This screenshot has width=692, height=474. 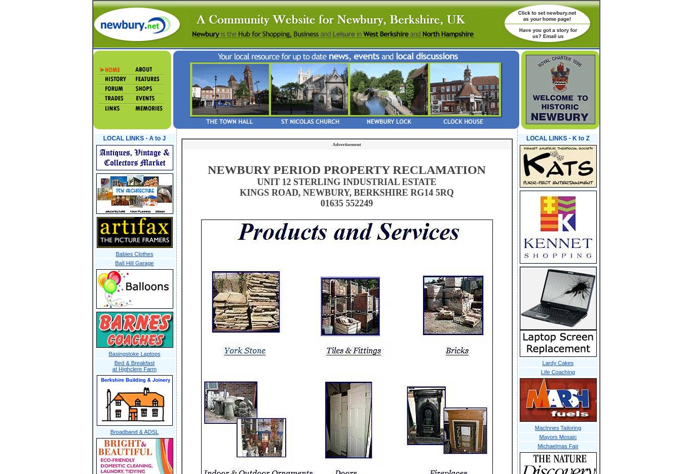 I want to click on 'at Highclere Farm', so click(x=134, y=369).